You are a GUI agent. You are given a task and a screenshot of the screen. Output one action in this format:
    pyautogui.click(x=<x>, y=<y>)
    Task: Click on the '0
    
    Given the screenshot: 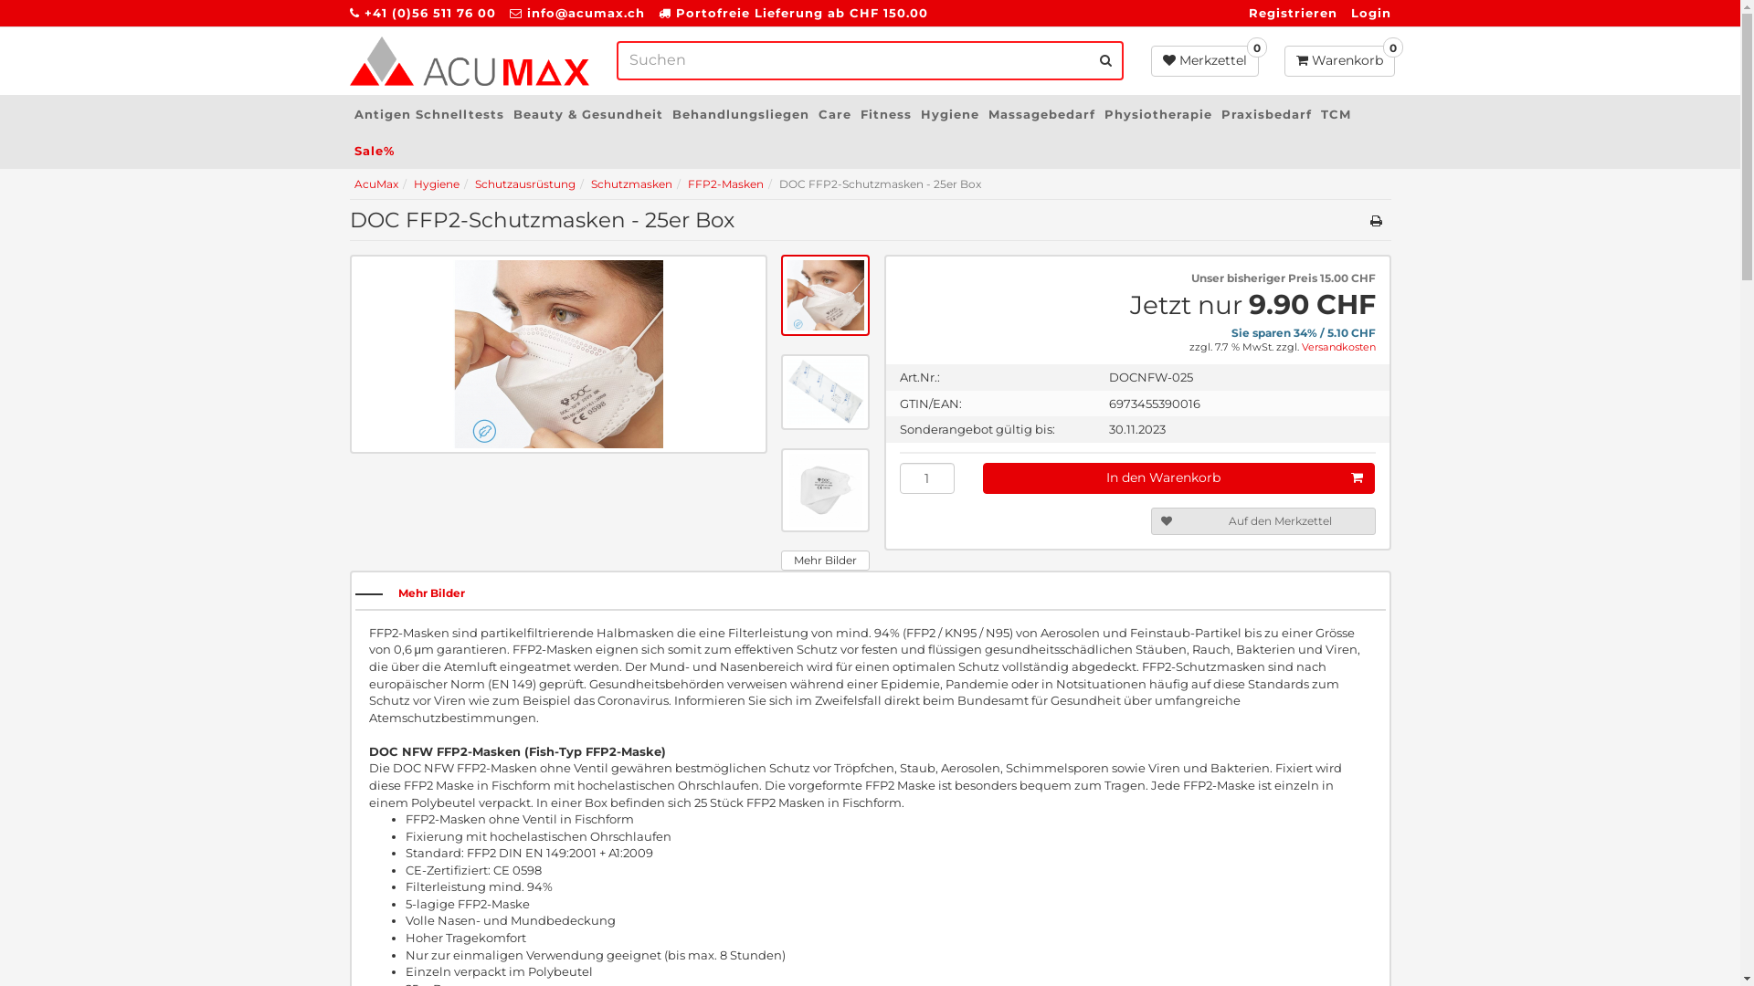 What is the action you would take?
    pyautogui.click(x=1339, y=59)
    